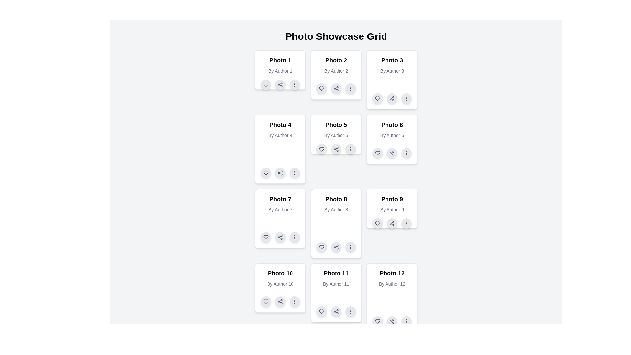 The image size is (631, 355). What do you see at coordinates (392, 125) in the screenshot?
I see `the text label 'Photo 6' which identifies the card, located at the upper section of the card layout` at bounding box center [392, 125].